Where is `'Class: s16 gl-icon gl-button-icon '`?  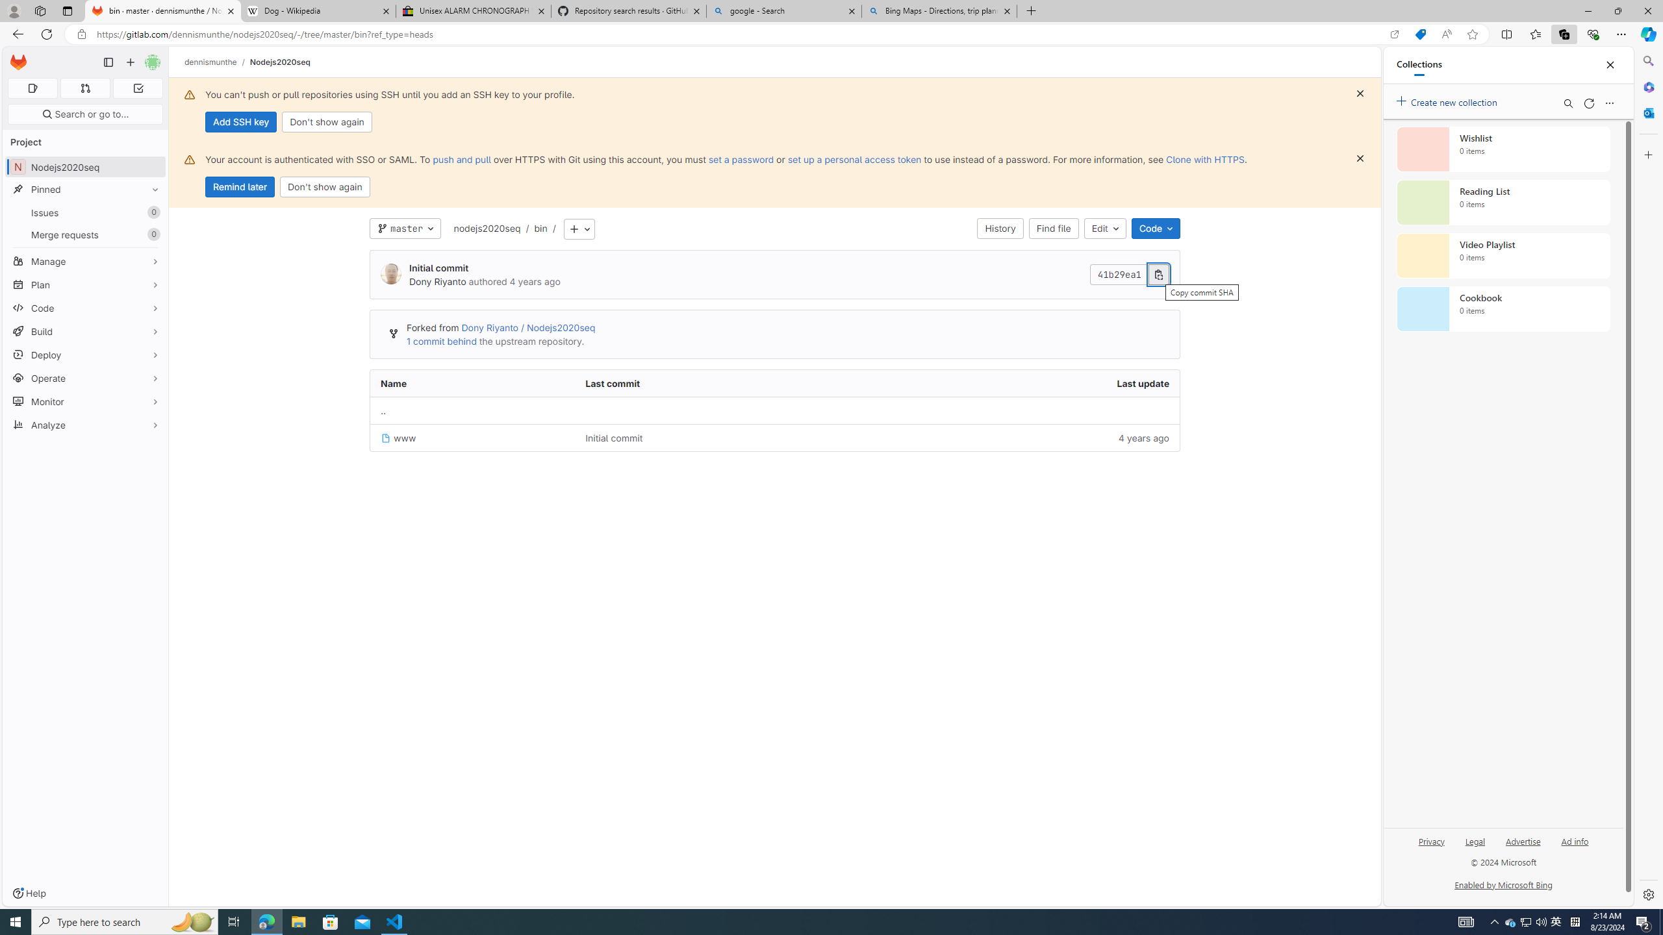 'Class: s16 gl-icon gl-button-icon ' is located at coordinates (1360, 158).